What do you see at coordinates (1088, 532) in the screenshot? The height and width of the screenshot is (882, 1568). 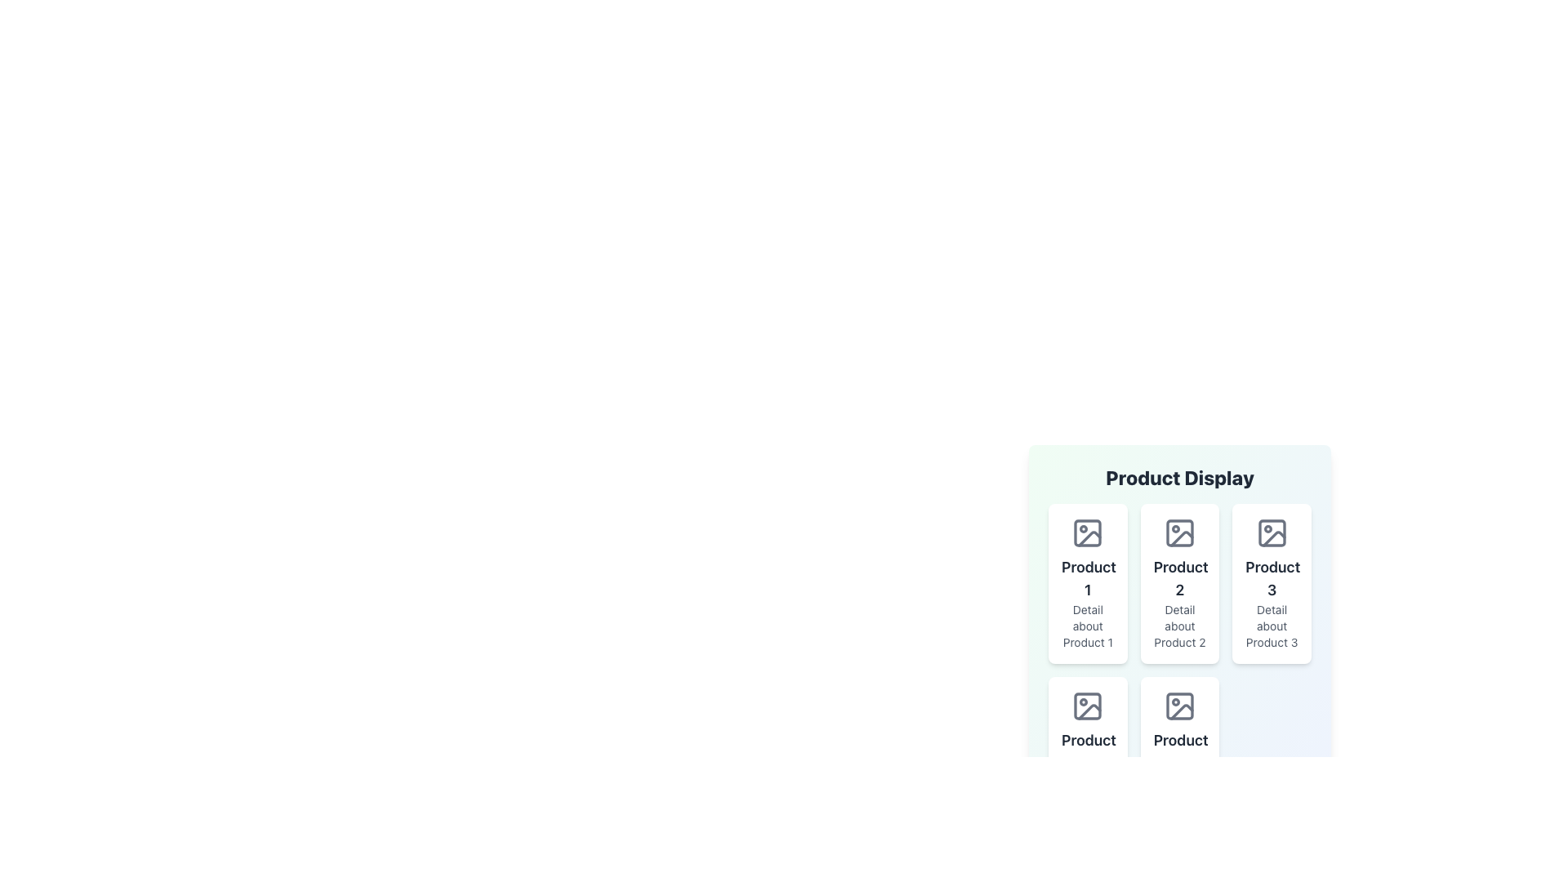 I see `the Image Placeholder Icon located at the top-left corner of the 'Product 1' tile in the grid layout` at bounding box center [1088, 532].